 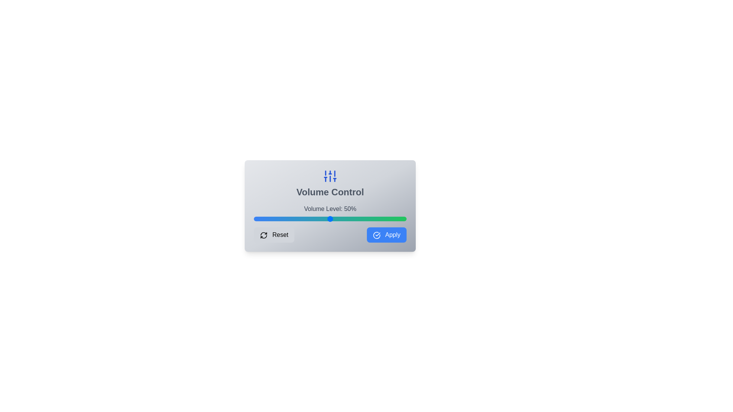 What do you see at coordinates (274, 235) in the screenshot?
I see `'Reset' button to reset the volume to 50%` at bounding box center [274, 235].